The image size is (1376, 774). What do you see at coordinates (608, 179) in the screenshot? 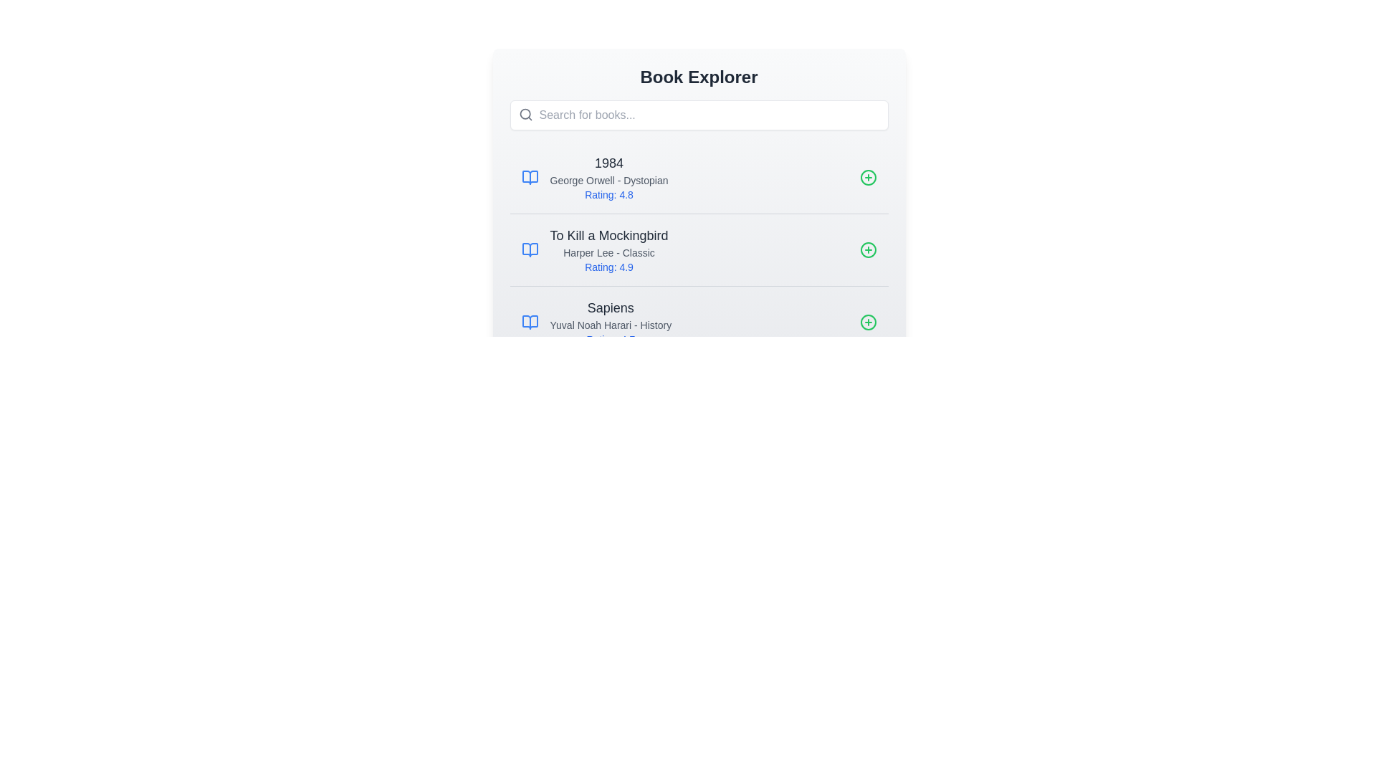
I see `the text label displaying 'George Orwell - Dystopian', which is positioned below '1984' and above 'Rating: 4.8'` at bounding box center [608, 179].